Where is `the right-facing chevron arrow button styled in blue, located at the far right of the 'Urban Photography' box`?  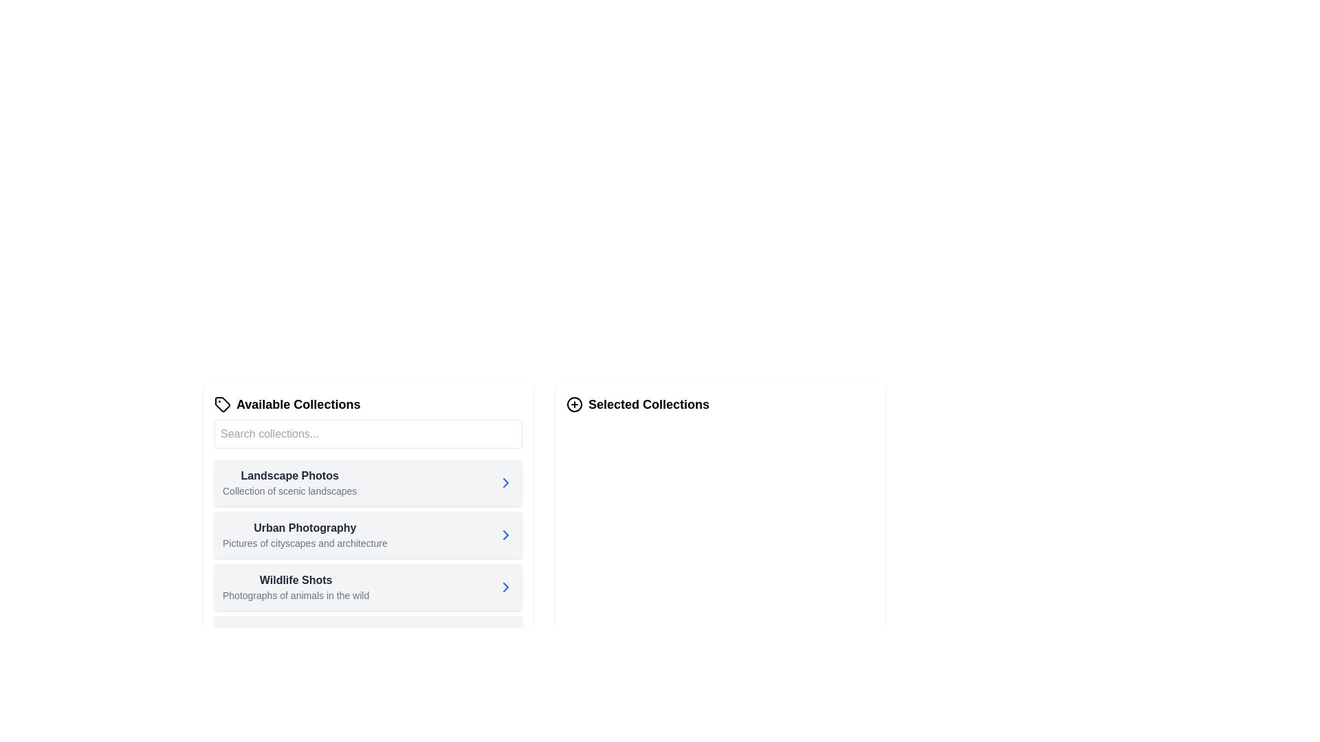 the right-facing chevron arrow button styled in blue, located at the far right of the 'Urban Photography' box is located at coordinates (505, 535).